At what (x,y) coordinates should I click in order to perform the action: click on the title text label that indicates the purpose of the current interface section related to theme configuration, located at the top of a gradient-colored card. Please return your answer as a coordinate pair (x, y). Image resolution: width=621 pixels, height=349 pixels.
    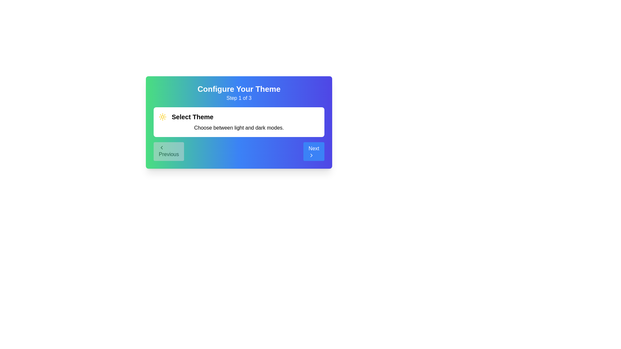
    Looking at the image, I should click on (239, 89).